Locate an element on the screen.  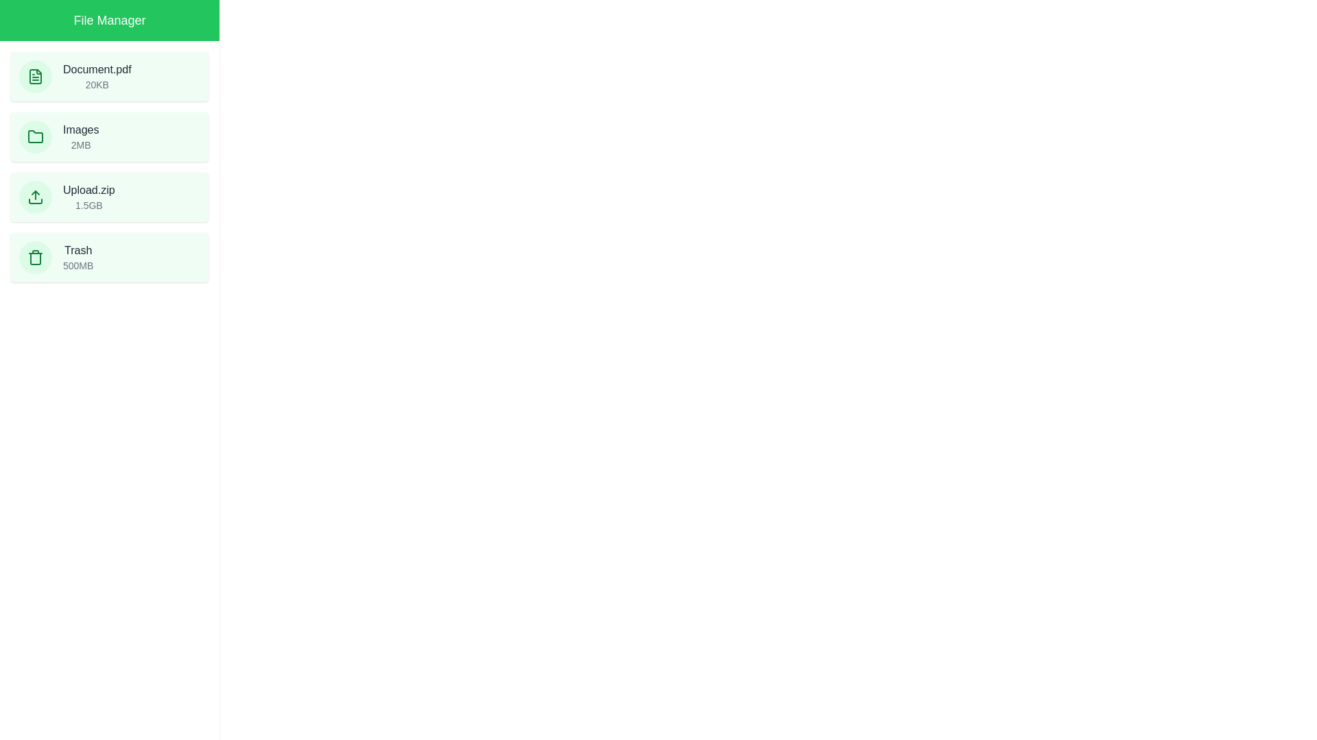
the file or folder item identified by its name Document.pdf is located at coordinates (108, 76).